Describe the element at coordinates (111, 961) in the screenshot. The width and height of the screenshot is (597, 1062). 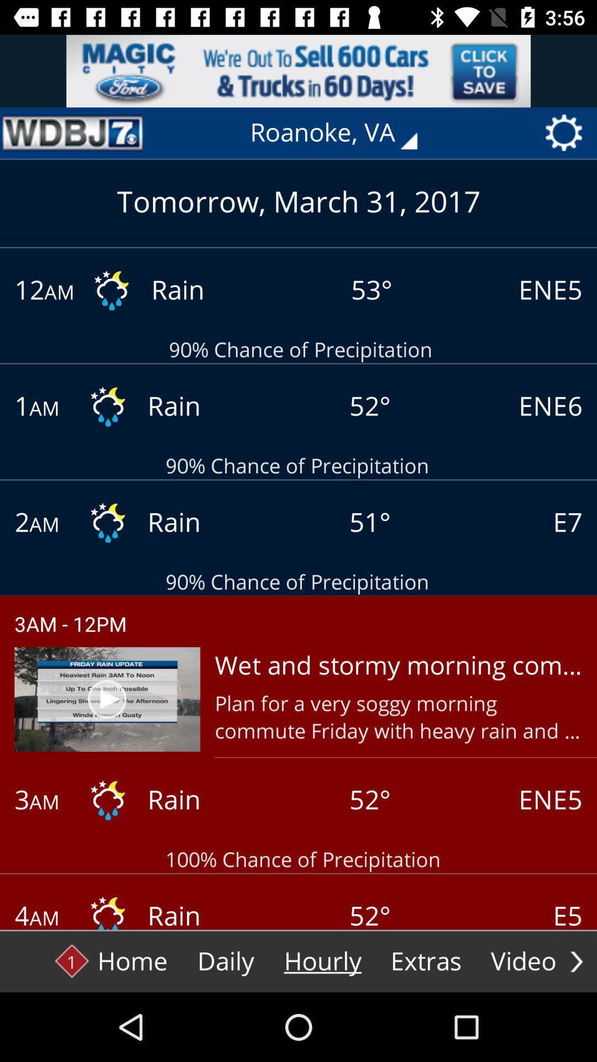
I see `home button` at that location.